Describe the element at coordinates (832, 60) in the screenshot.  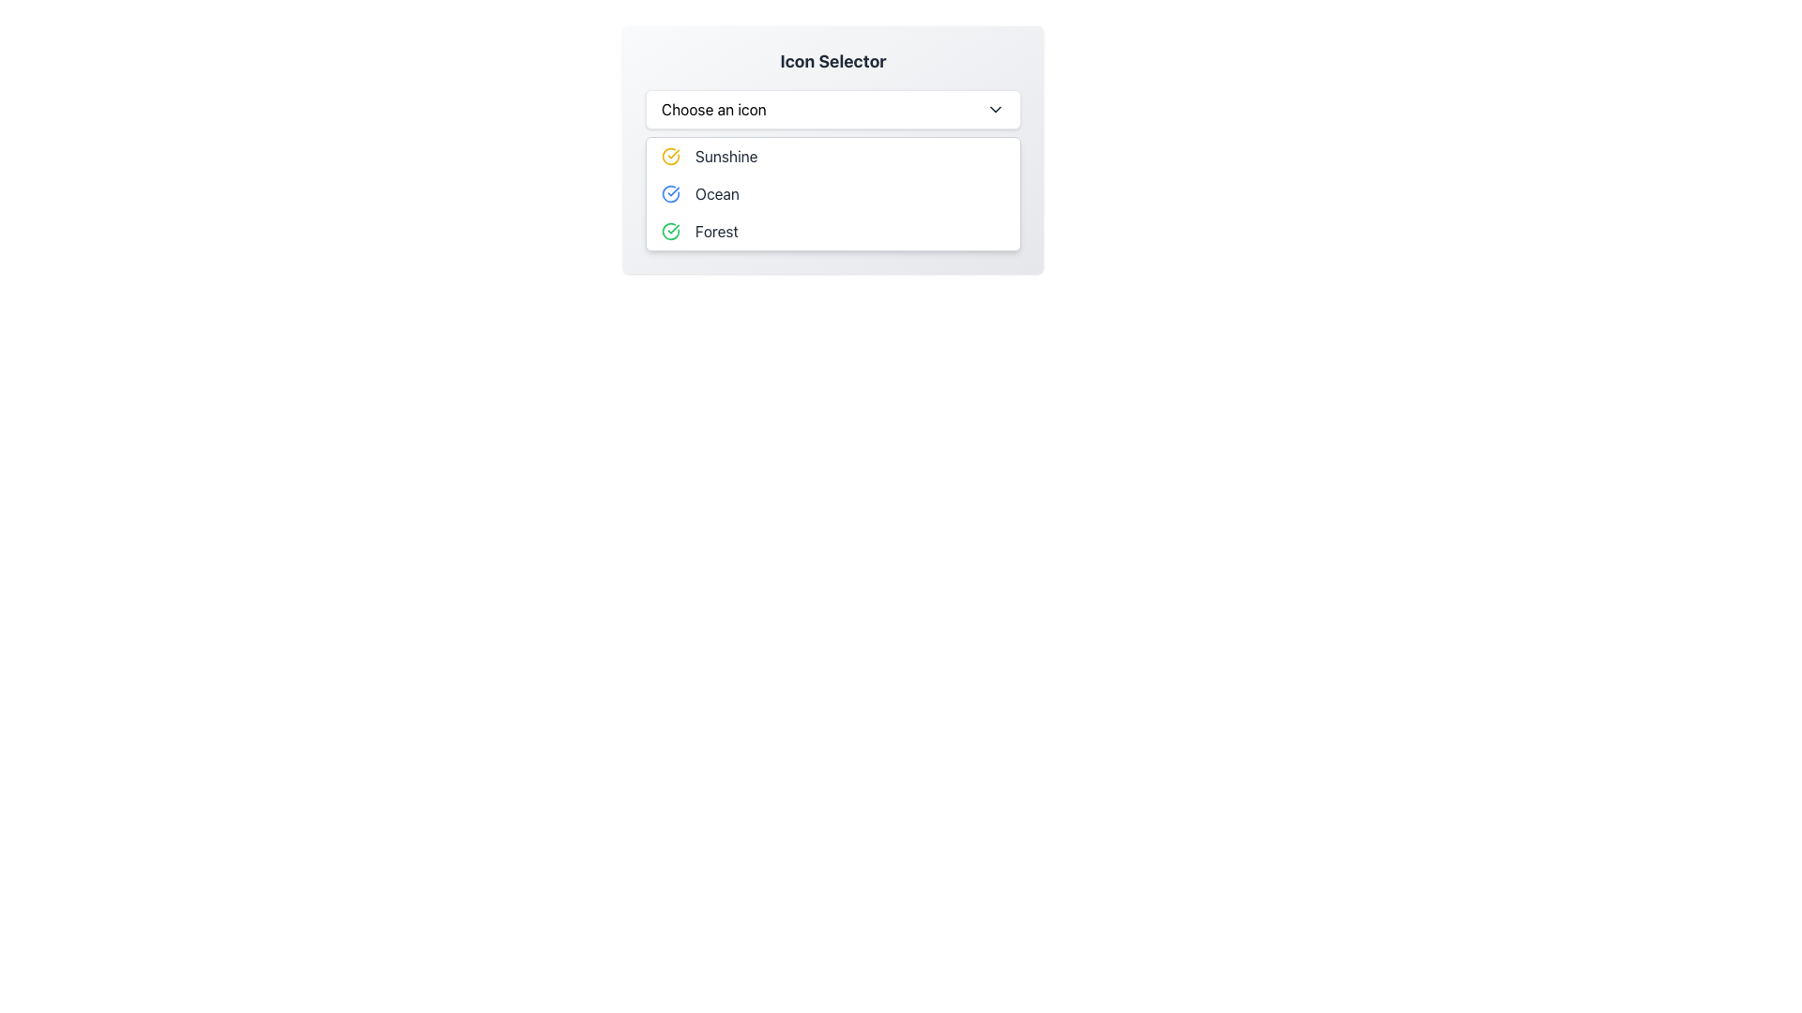
I see `the Text Label that serves as the title or heading for the interface section, located at the top of the layout` at that location.